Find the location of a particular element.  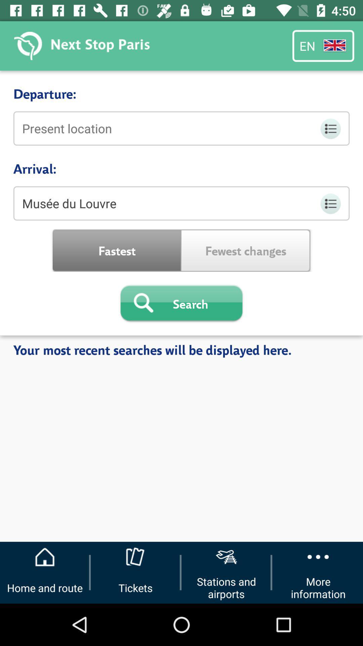

the list icon is located at coordinates (330, 203).